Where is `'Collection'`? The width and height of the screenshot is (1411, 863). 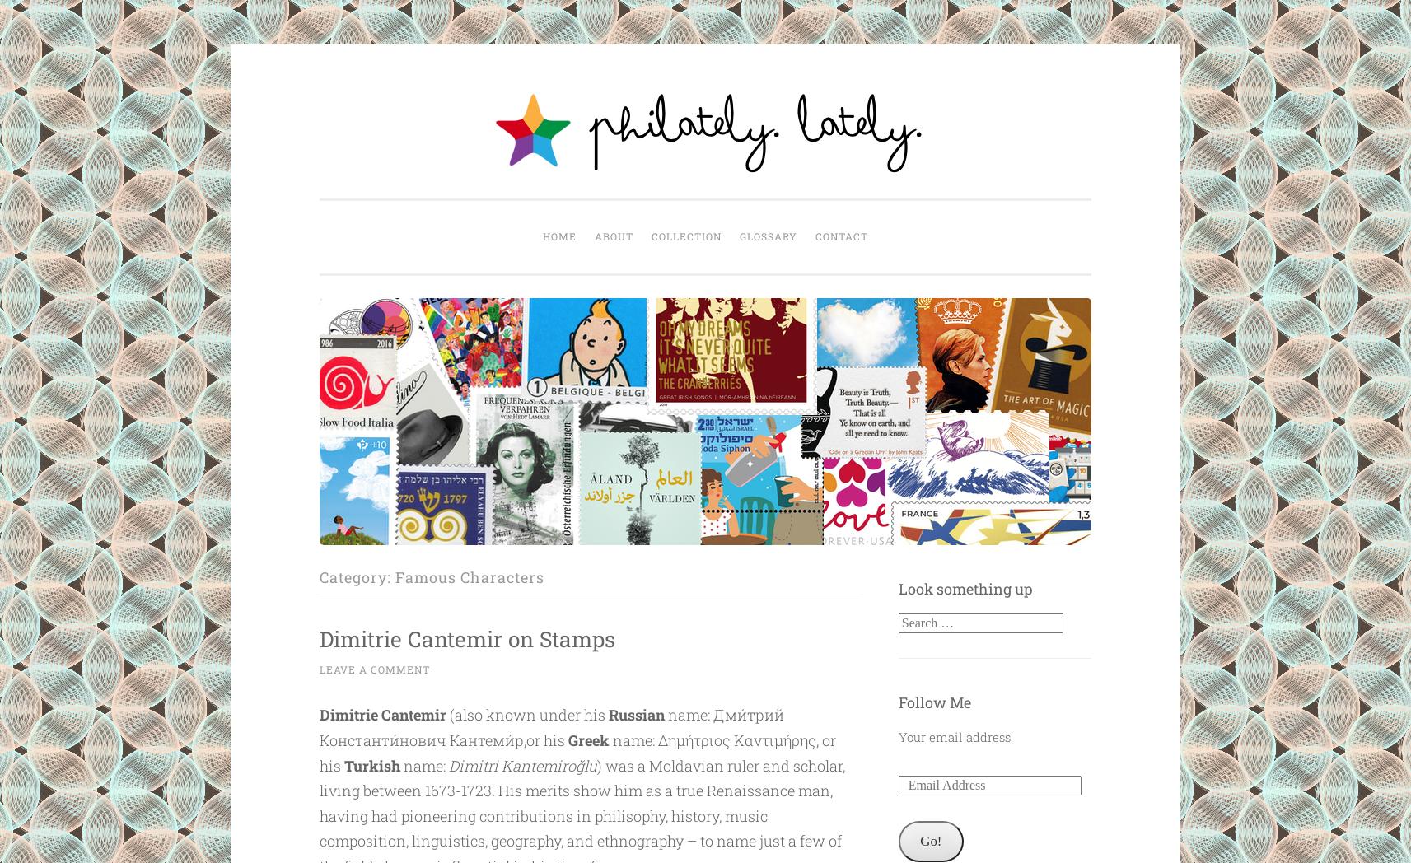
'Collection' is located at coordinates (685, 236).